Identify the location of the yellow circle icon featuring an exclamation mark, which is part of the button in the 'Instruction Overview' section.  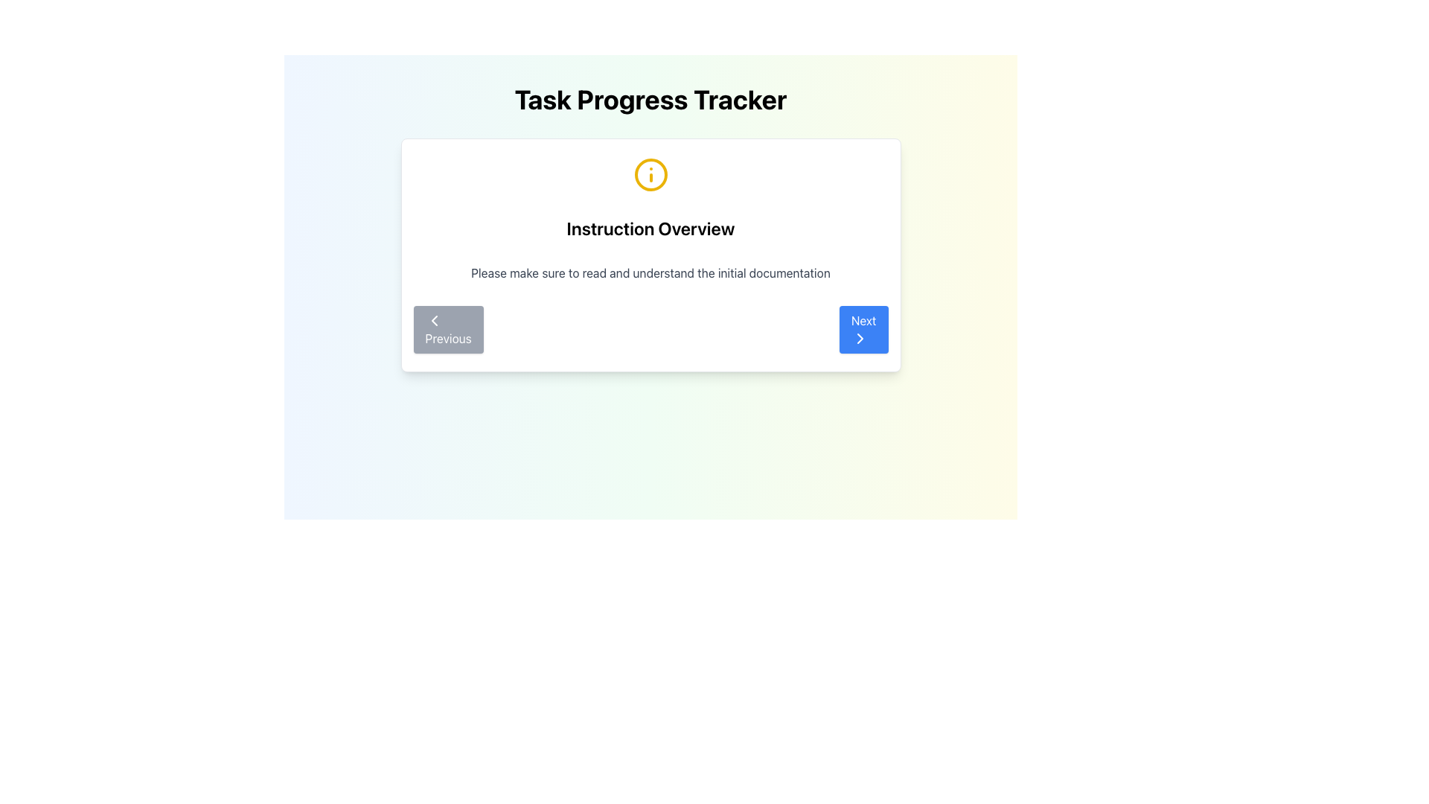
(650, 174).